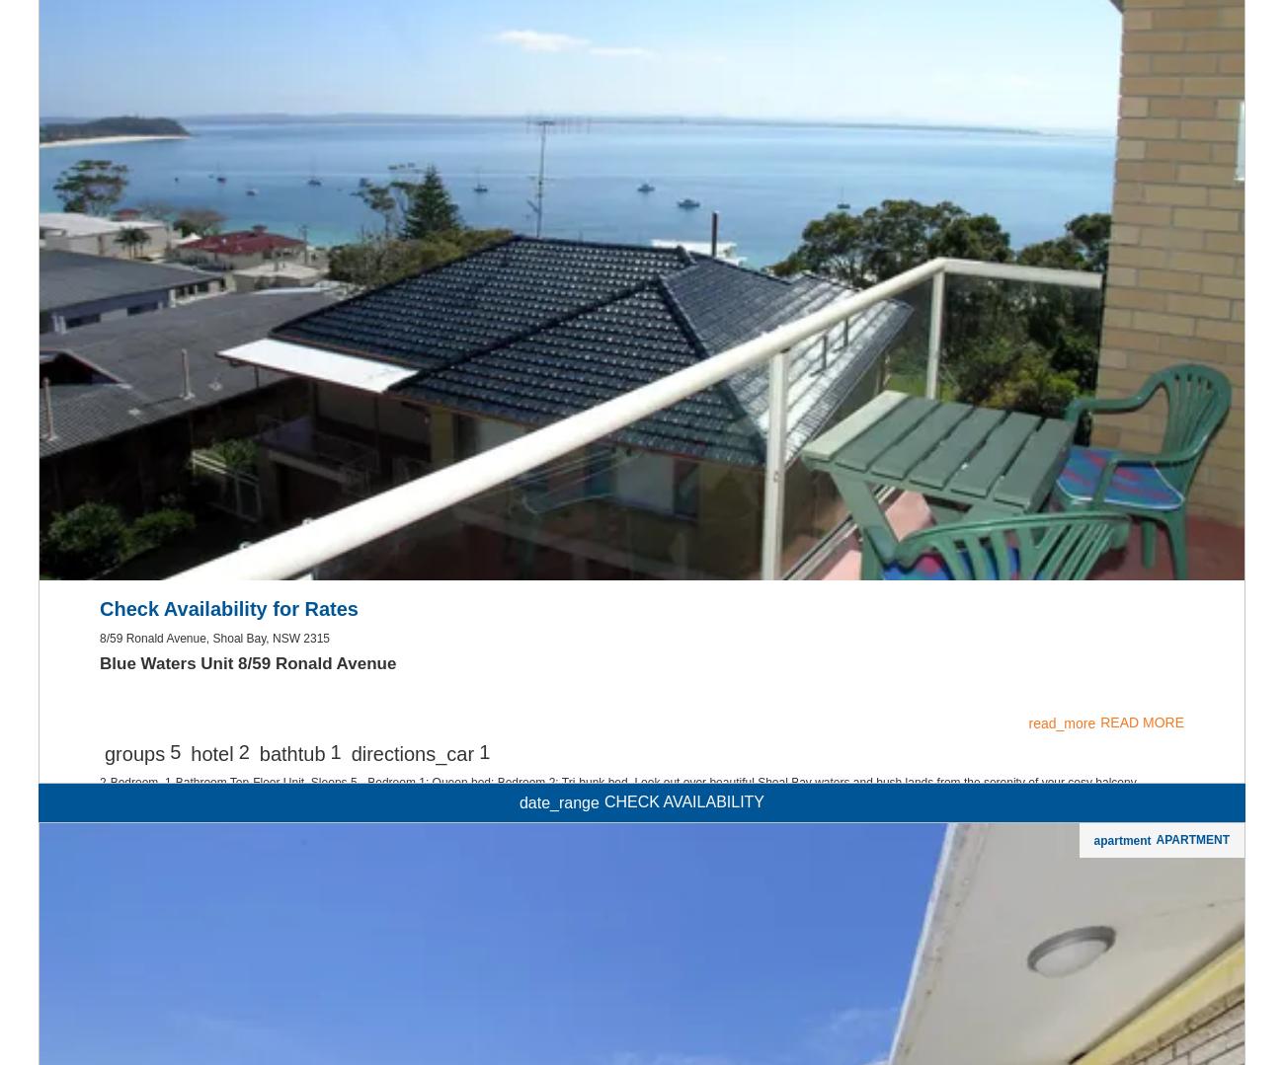 Image resolution: width=1284 pixels, height=1065 pixels. What do you see at coordinates (213, 95) in the screenshot?
I see `'Apartment Features'` at bounding box center [213, 95].